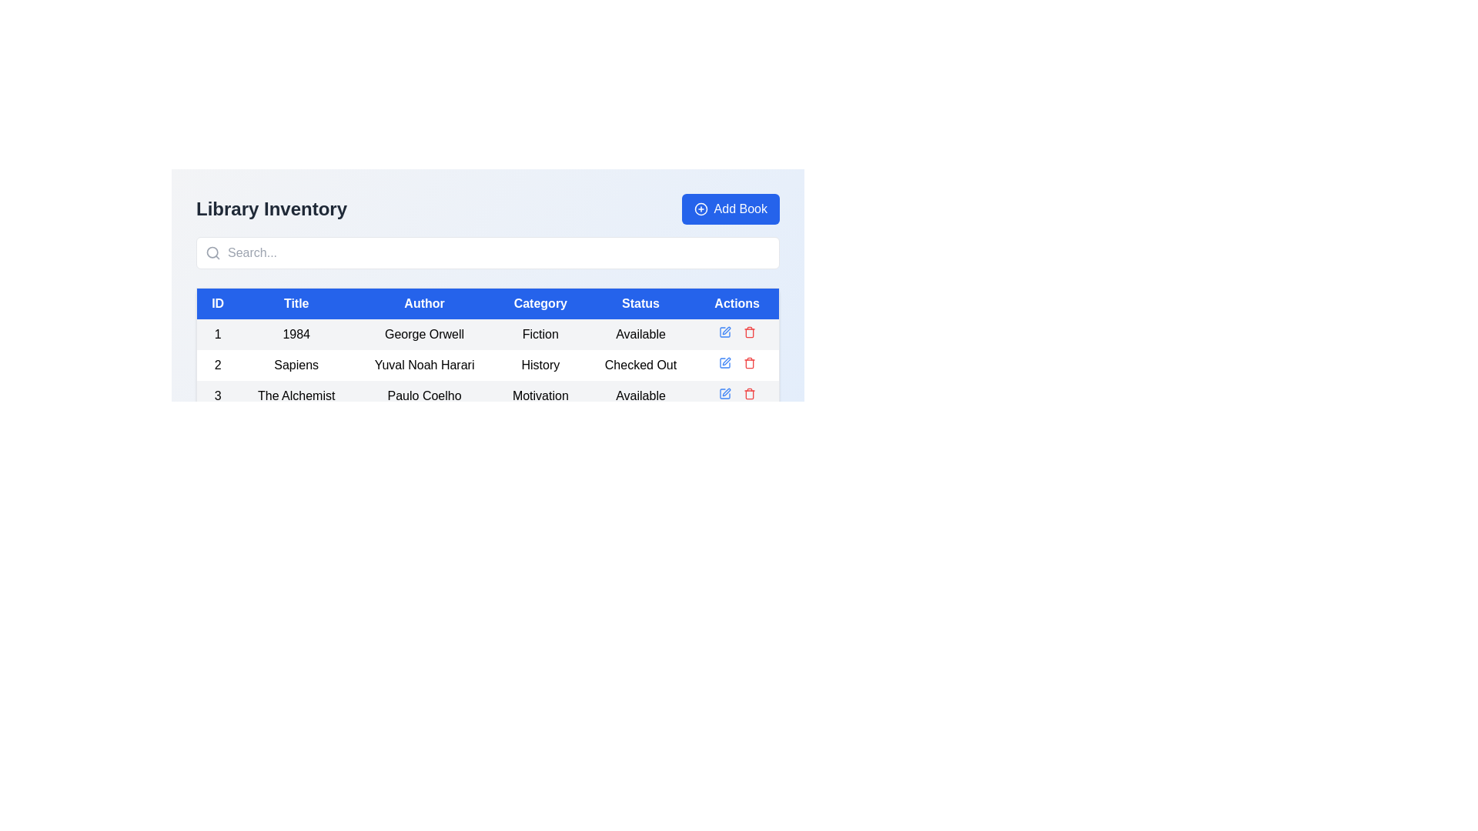  I want to click on the Table Header Cell that labels the 'Title' column, positioned between 'ID' and 'Author' headers, so click(296, 303).